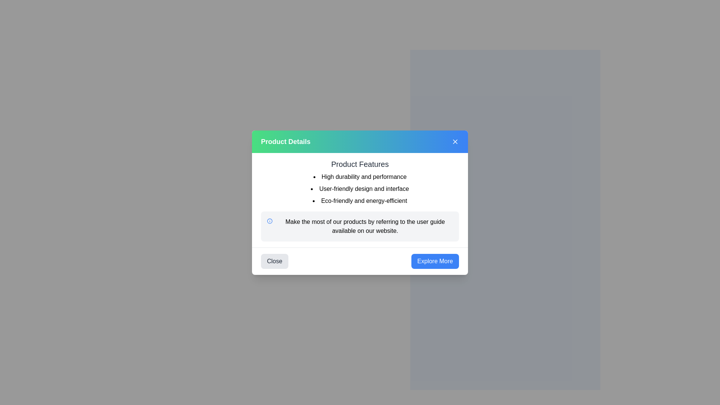 The image size is (720, 405). Describe the element at coordinates (360, 177) in the screenshot. I see `the topmost bullet point in the product feature list that is located within the central modal dialog box, positioned directly below the 'Product Features' heading` at that location.